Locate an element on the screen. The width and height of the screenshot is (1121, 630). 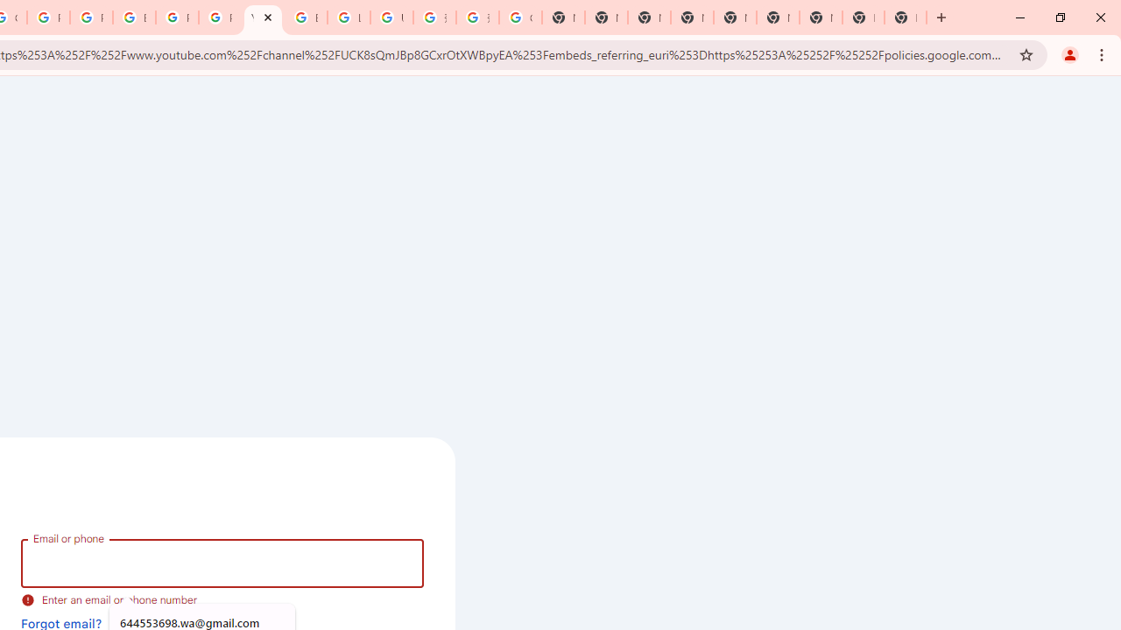
'YouTube' is located at coordinates (262, 17).